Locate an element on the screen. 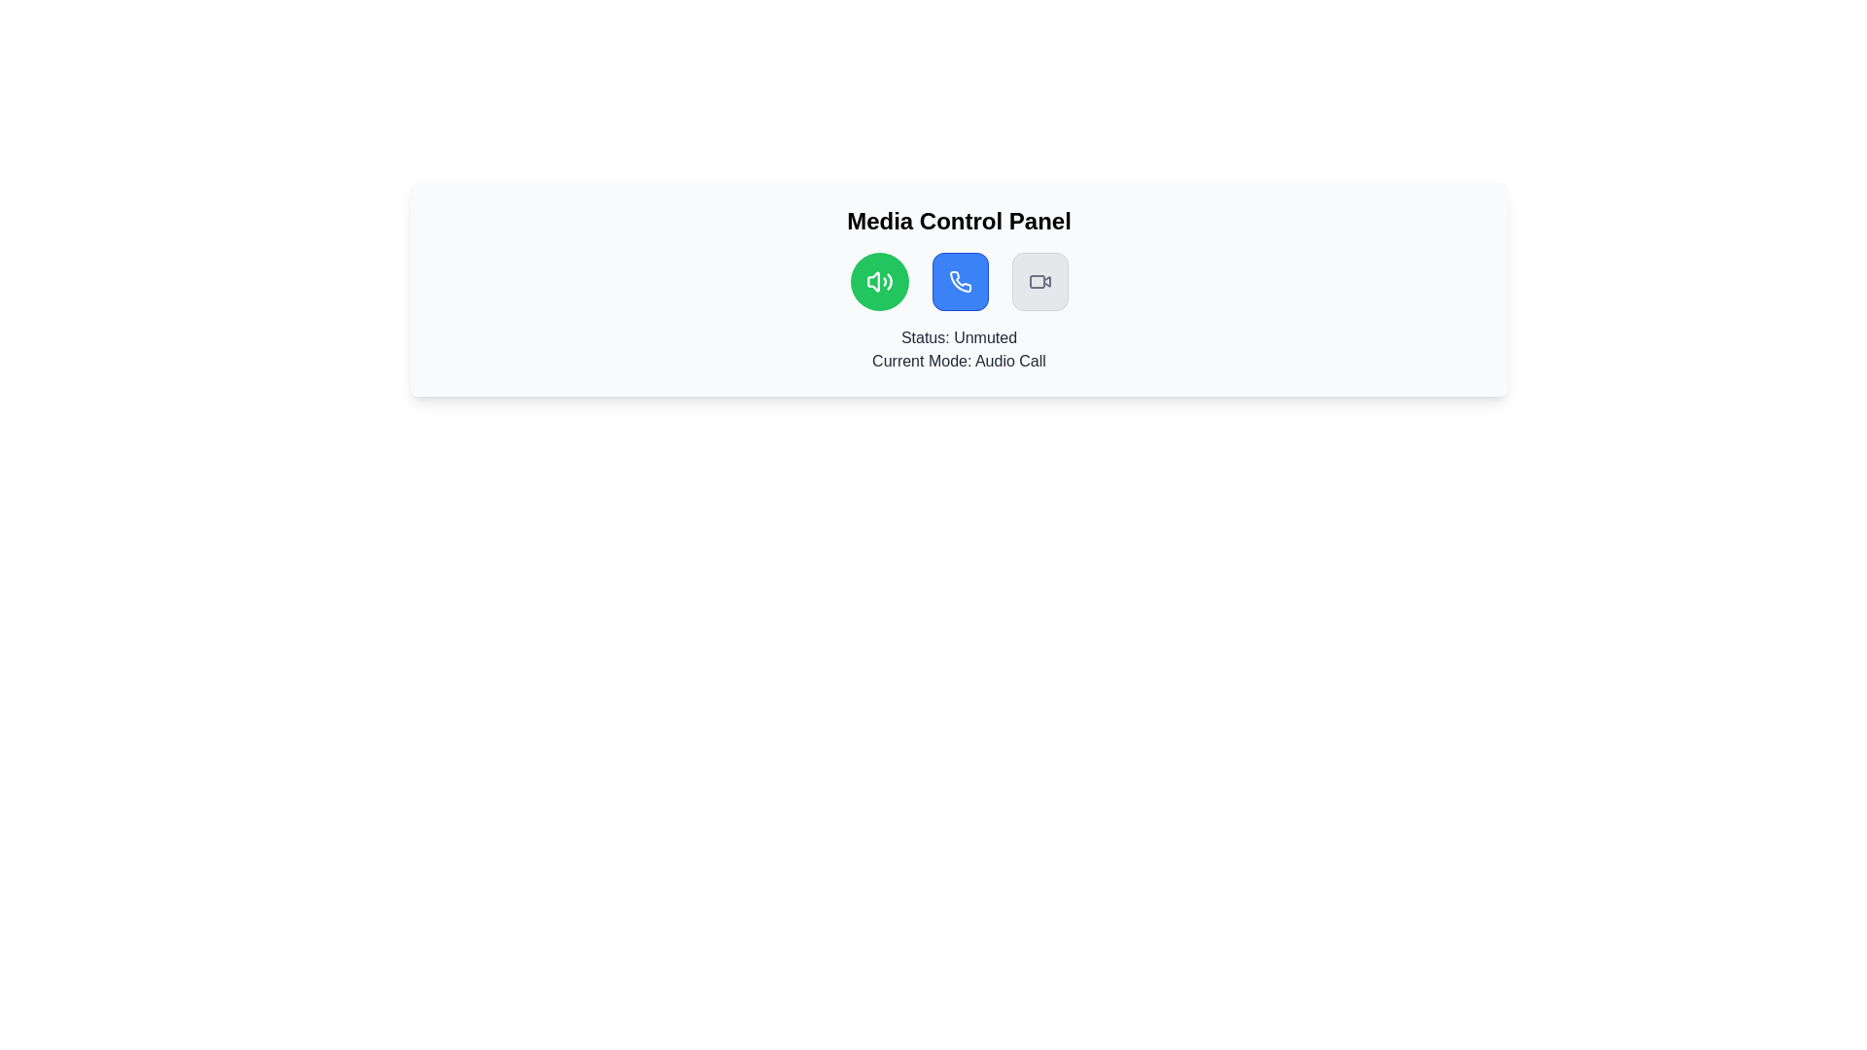 The image size is (1867, 1050). the informational text label displaying 'Current Mode: Audio Call', which is styled in gray on a white background, located below 'Status: Unmuted' is located at coordinates (959, 361).